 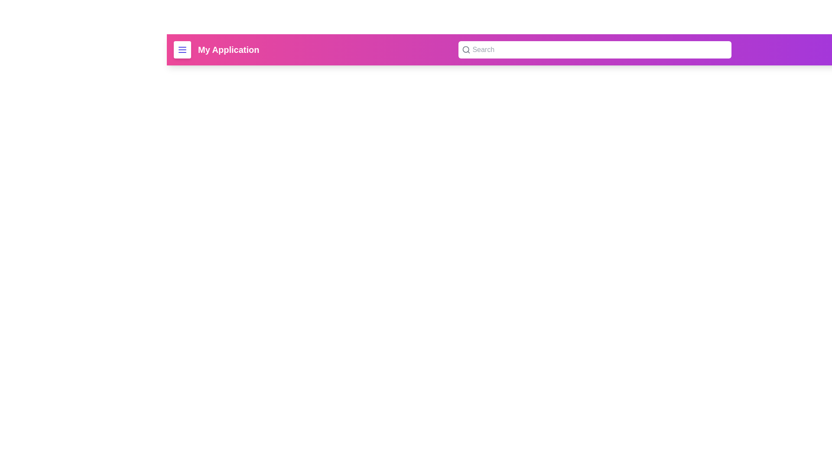 I want to click on the search bar and type the query 'example query', so click(x=594, y=50).